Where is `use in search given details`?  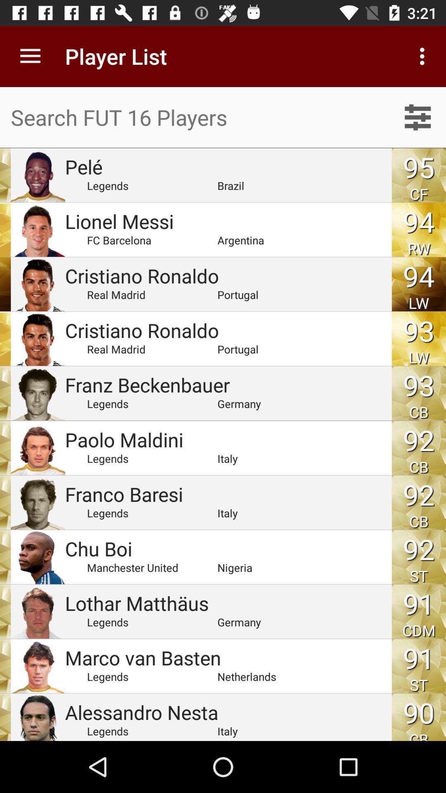 use in search given details is located at coordinates (418, 117).